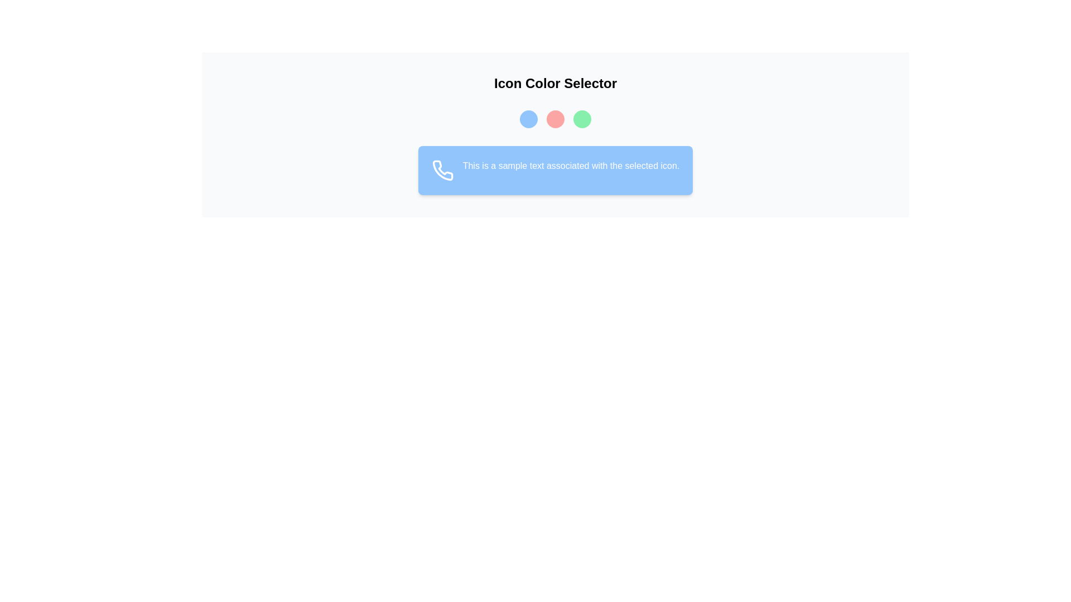 This screenshot has height=602, width=1071. Describe the element at coordinates (571, 170) in the screenshot. I see `the Text Label that provides descriptive information about the icon in the blue rectangular area below the 'Icon Color Selector' heading, located to the right of the phone icon` at that location.